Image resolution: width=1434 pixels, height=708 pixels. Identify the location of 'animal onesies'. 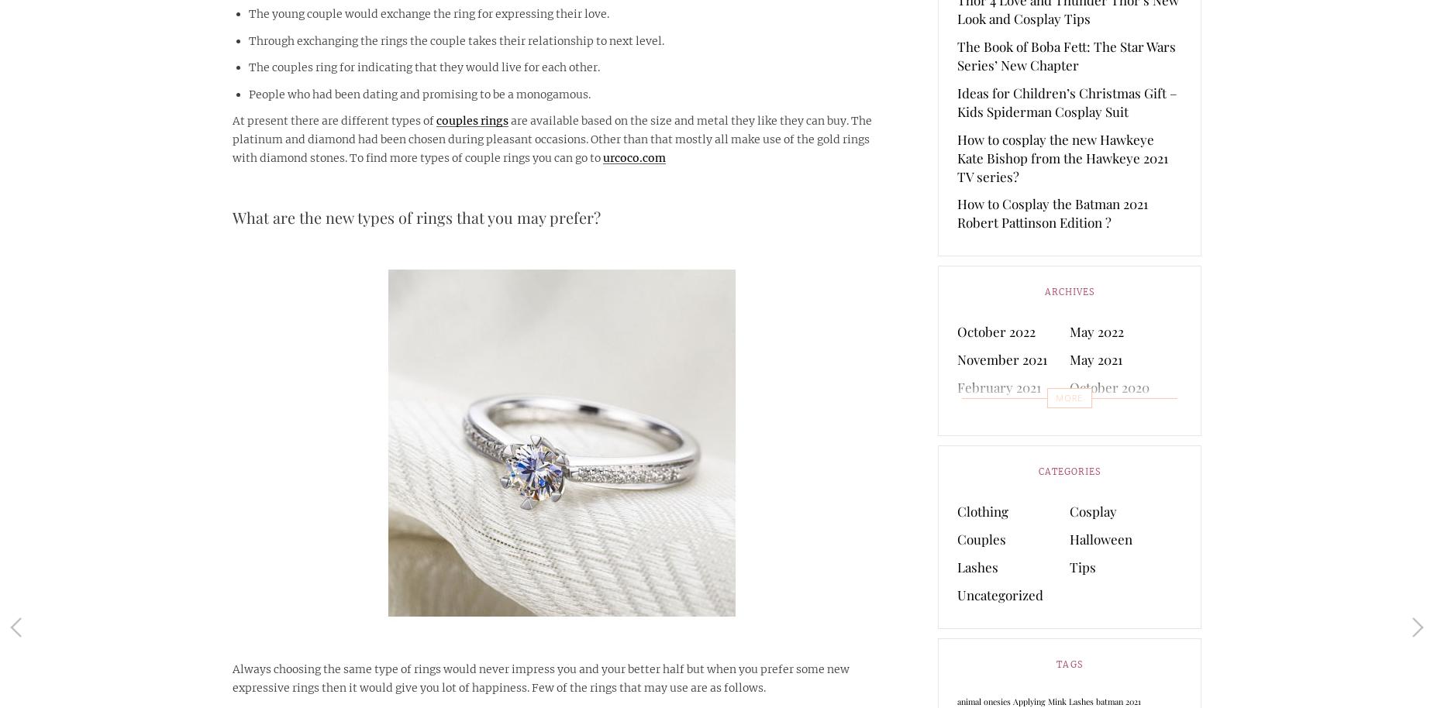
(957, 699).